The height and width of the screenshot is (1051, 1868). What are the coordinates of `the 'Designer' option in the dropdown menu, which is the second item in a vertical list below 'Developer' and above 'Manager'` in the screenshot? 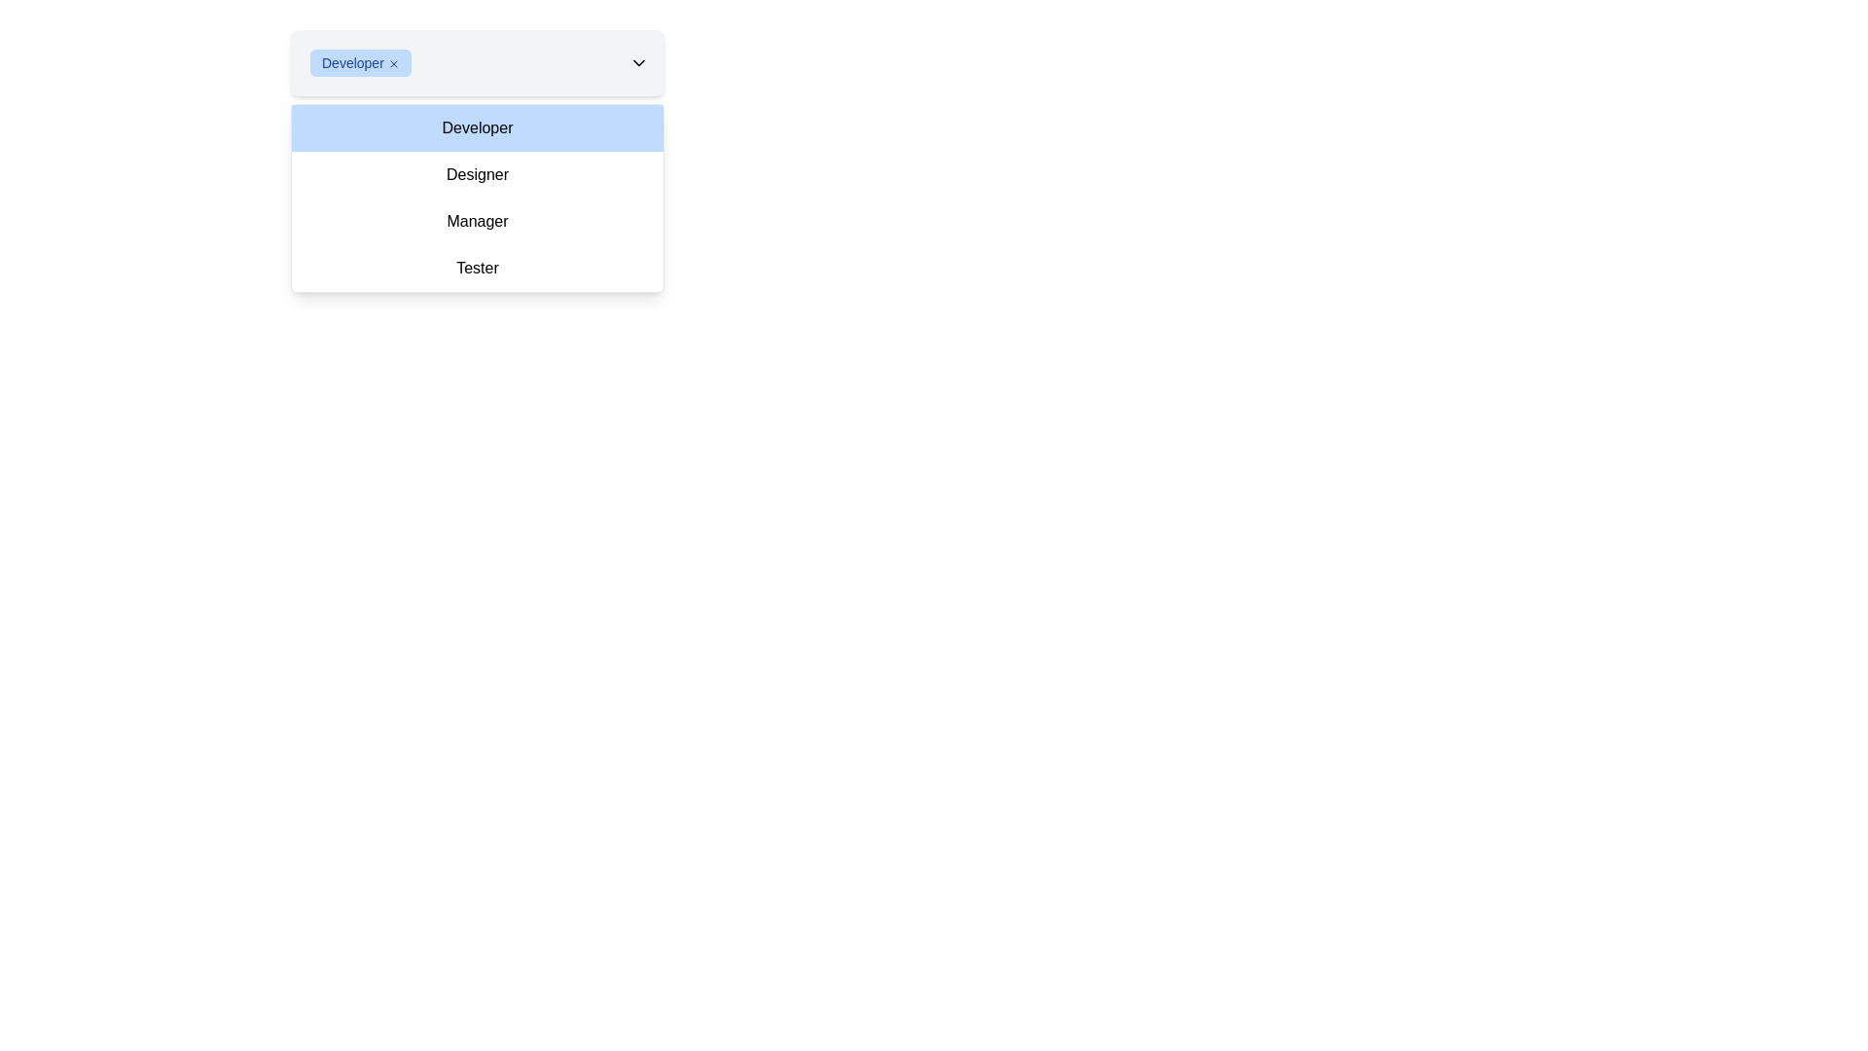 It's located at (477, 175).